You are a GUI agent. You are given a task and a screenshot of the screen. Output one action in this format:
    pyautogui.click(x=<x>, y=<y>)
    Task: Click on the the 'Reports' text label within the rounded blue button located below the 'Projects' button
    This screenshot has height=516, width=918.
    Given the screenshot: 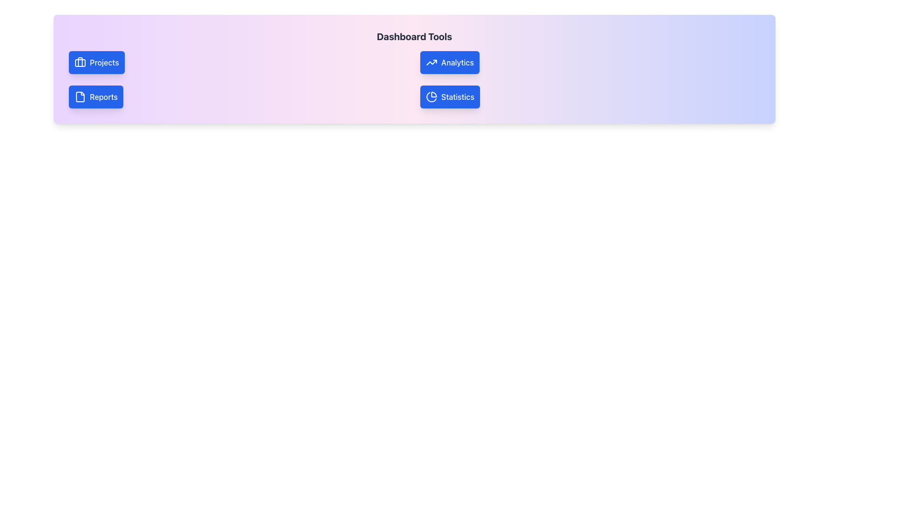 What is the action you would take?
    pyautogui.click(x=104, y=97)
    